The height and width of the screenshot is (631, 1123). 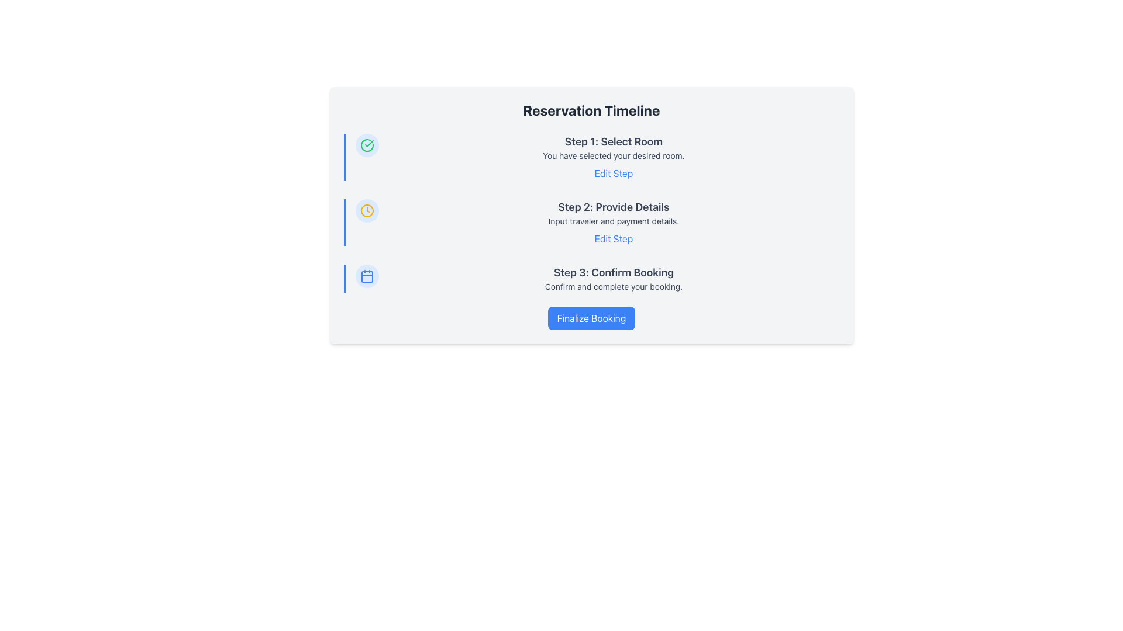 What do you see at coordinates (366, 211) in the screenshot?
I see `the central circular SVG shape representing the clock face, which has a yellow outline and a light gray background, located to the left of the 'Step 2: Provide Details' section` at bounding box center [366, 211].